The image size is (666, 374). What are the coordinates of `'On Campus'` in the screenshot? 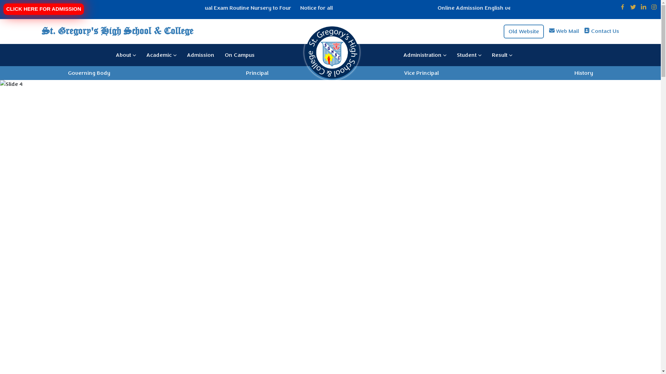 It's located at (240, 54).